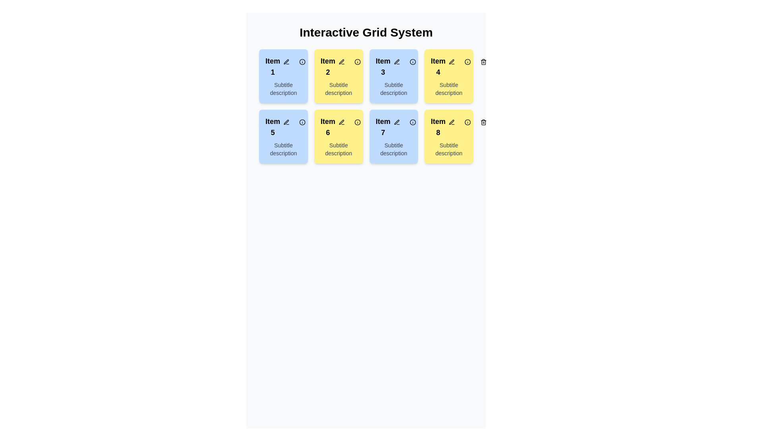 Image resolution: width=763 pixels, height=429 pixels. Describe the element at coordinates (357, 122) in the screenshot. I see `the circular information icon located at the top-right corner of the item card labeled 'Item 6'` at that location.